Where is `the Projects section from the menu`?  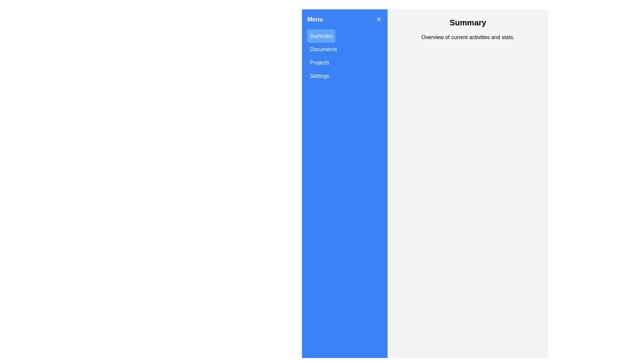
the Projects section from the menu is located at coordinates (319, 63).